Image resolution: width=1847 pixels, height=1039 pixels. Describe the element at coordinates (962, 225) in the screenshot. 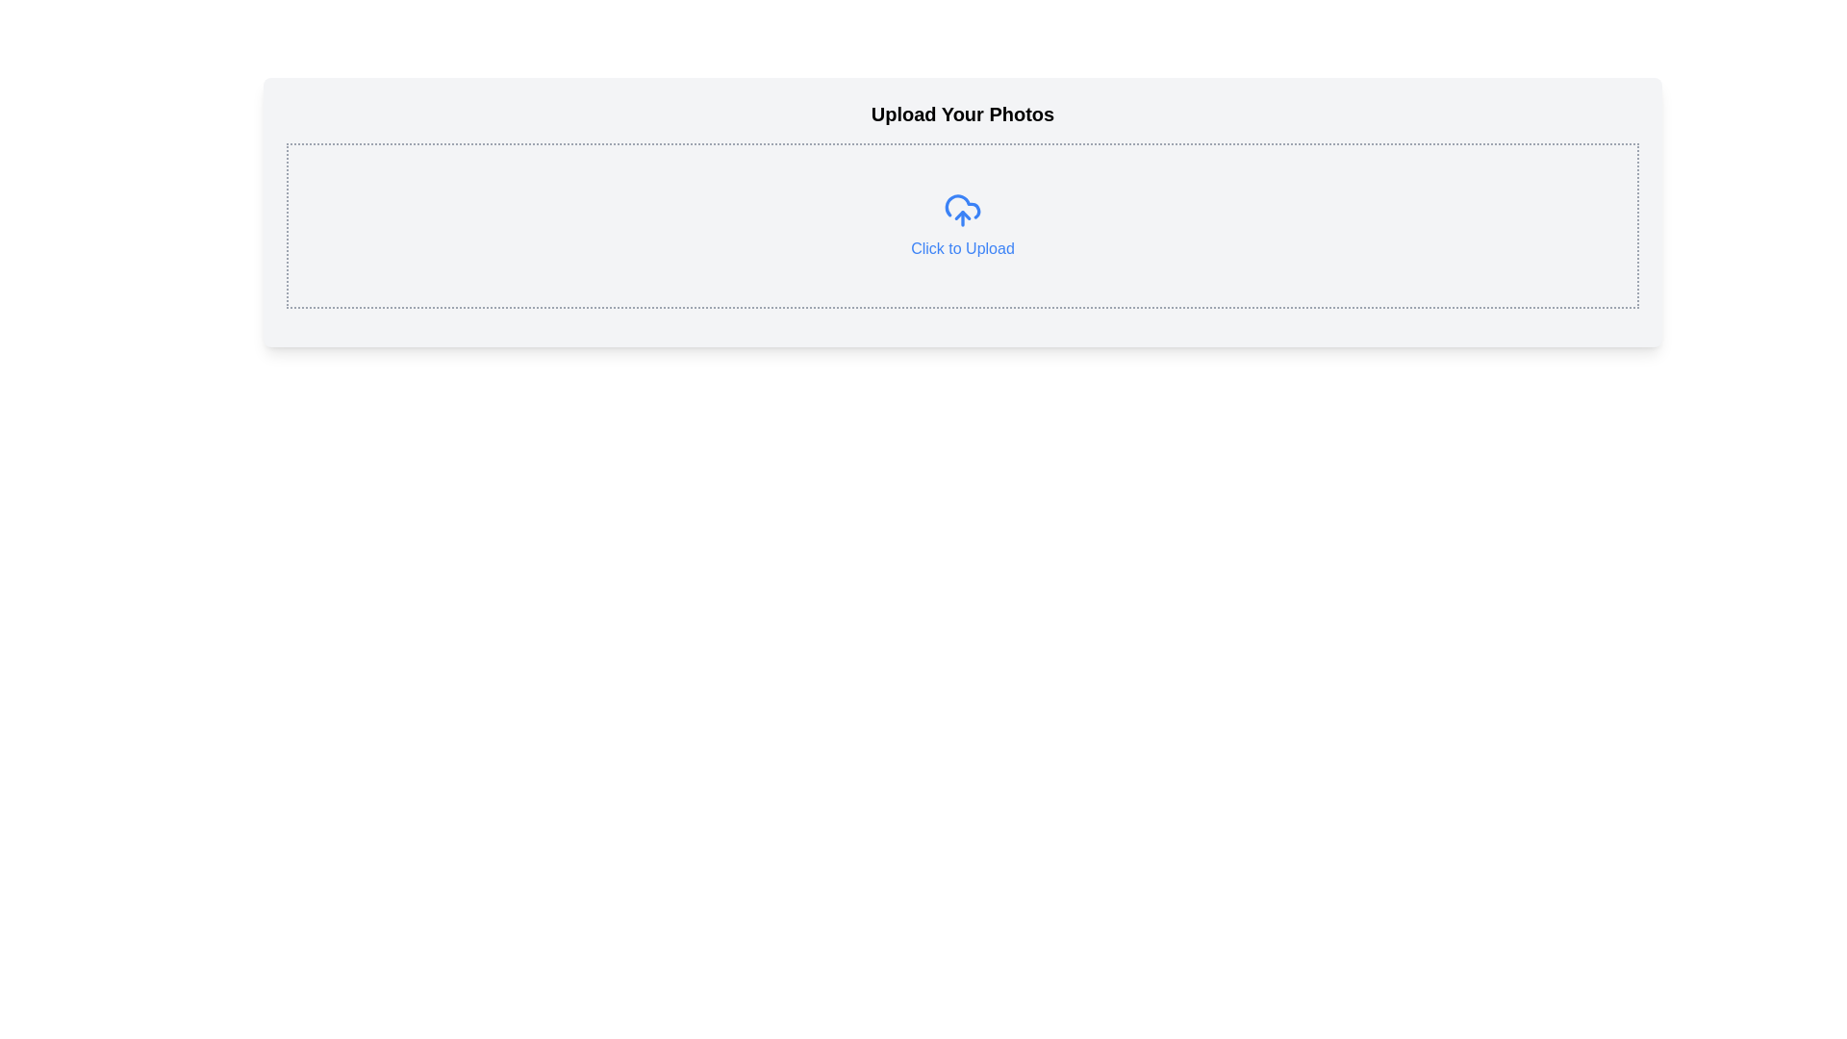

I see `the file upload interface located in the center of the page` at that location.